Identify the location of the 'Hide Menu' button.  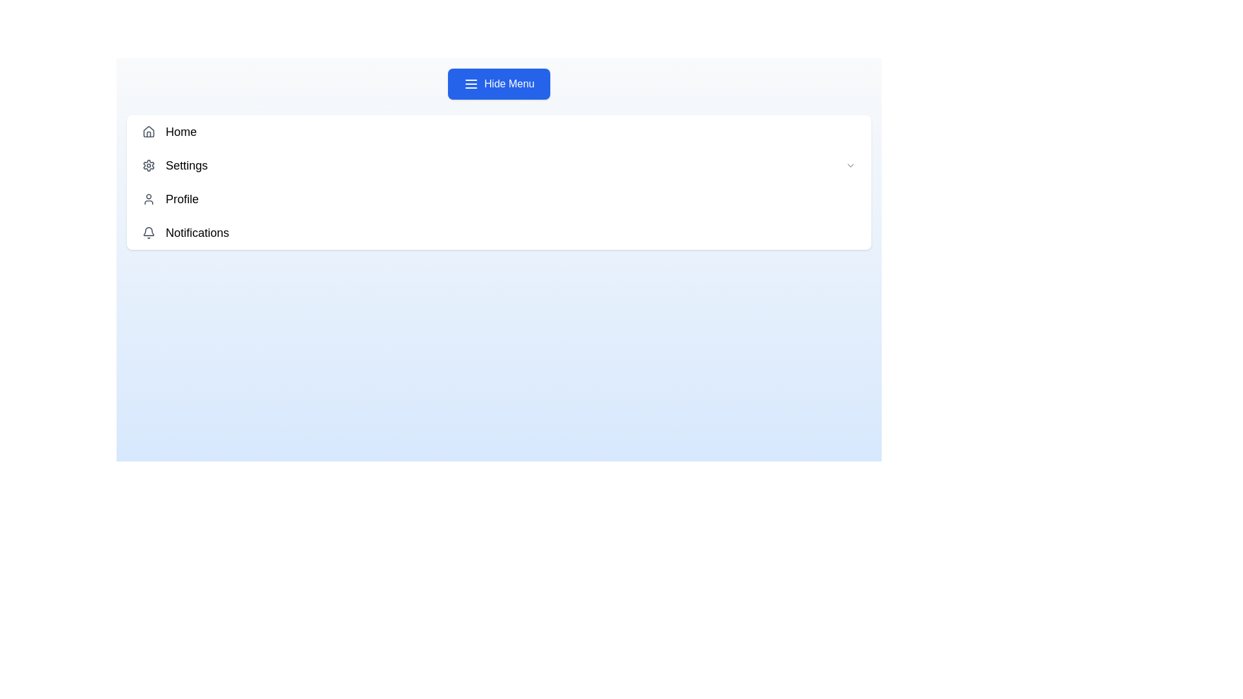
(498, 84).